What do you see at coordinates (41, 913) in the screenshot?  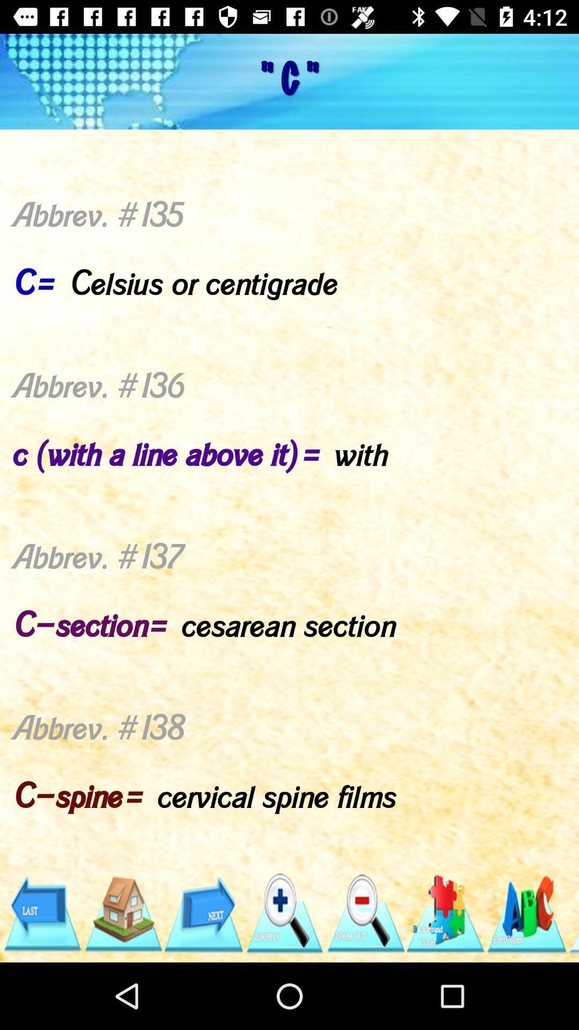 I see `the arrow_backward icon` at bounding box center [41, 913].